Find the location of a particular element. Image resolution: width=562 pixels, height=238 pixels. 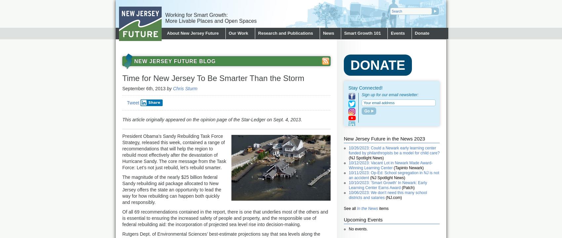

'items' is located at coordinates (378, 209).